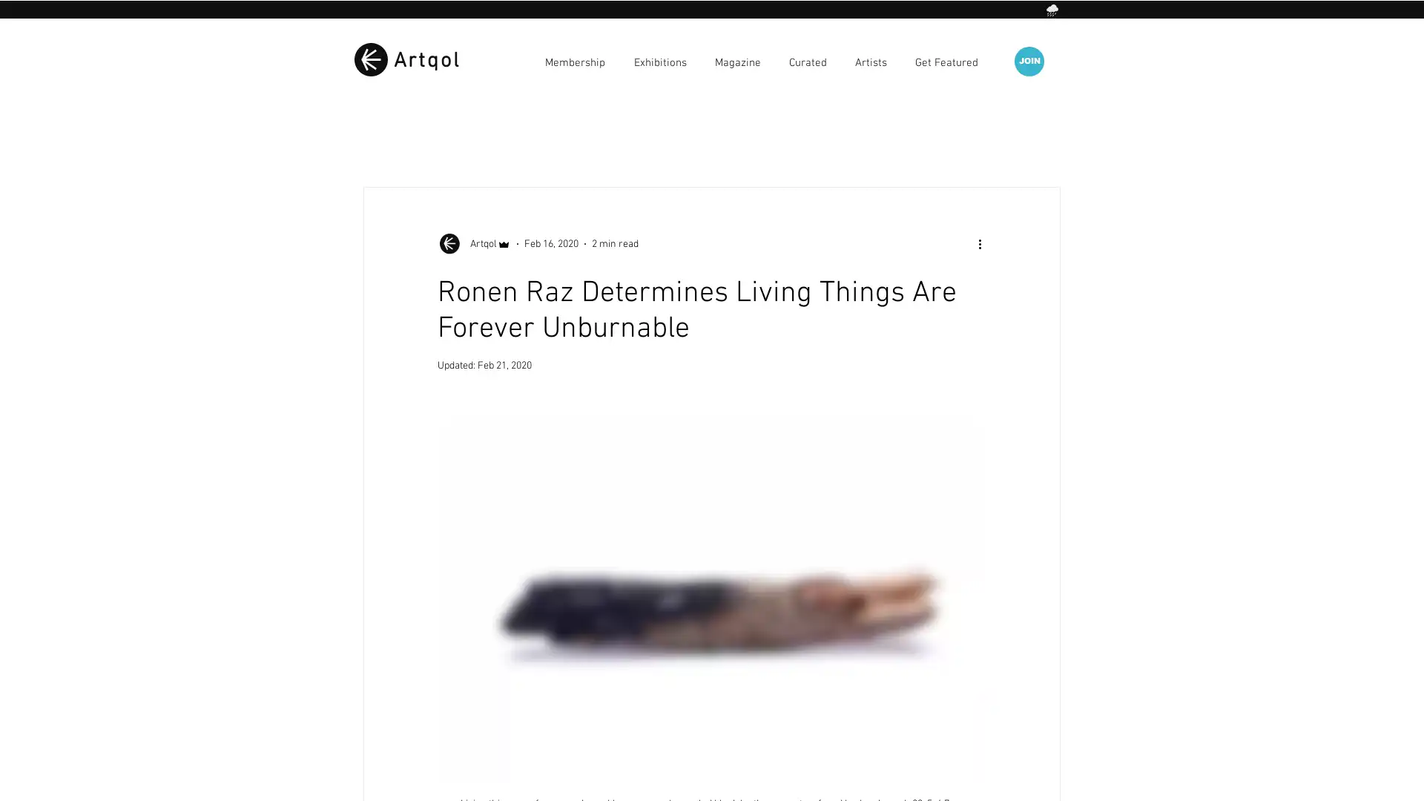 Image resolution: width=1424 pixels, height=801 pixels. I want to click on Search, so click(1041, 144).